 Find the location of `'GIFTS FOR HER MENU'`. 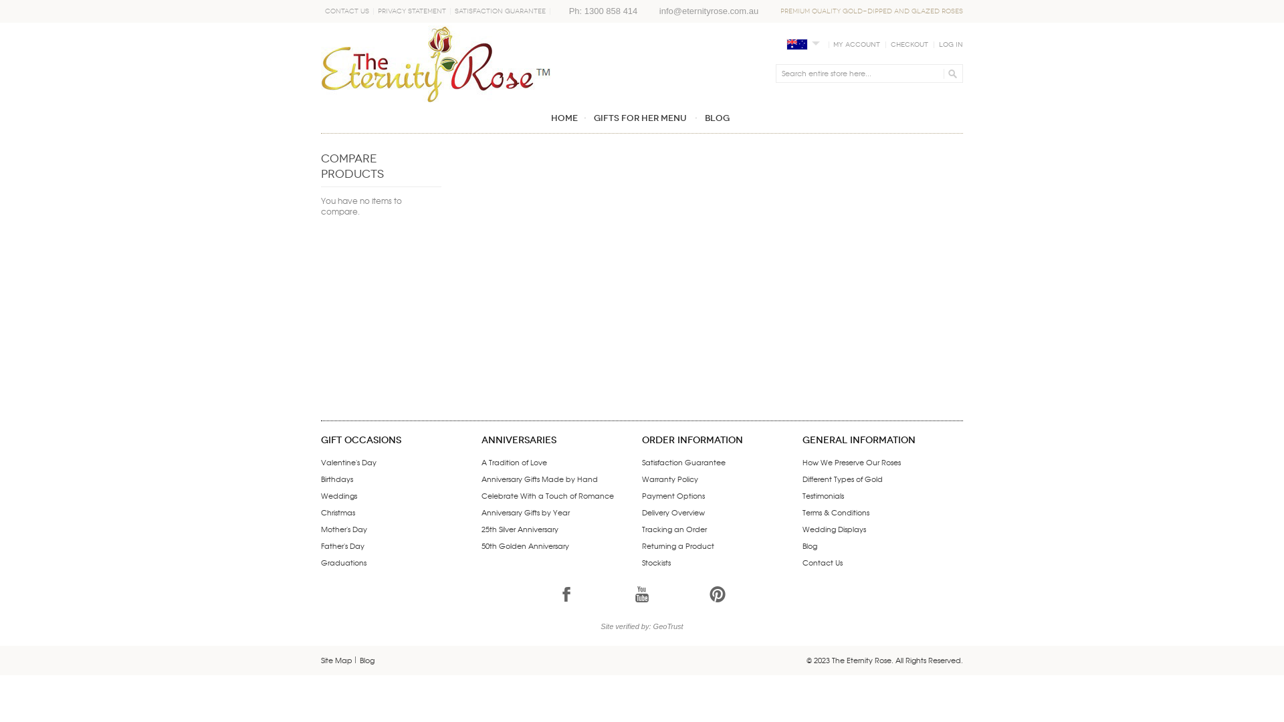

'GIFTS FOR HER MENU' is located at coordinates (639, 117).